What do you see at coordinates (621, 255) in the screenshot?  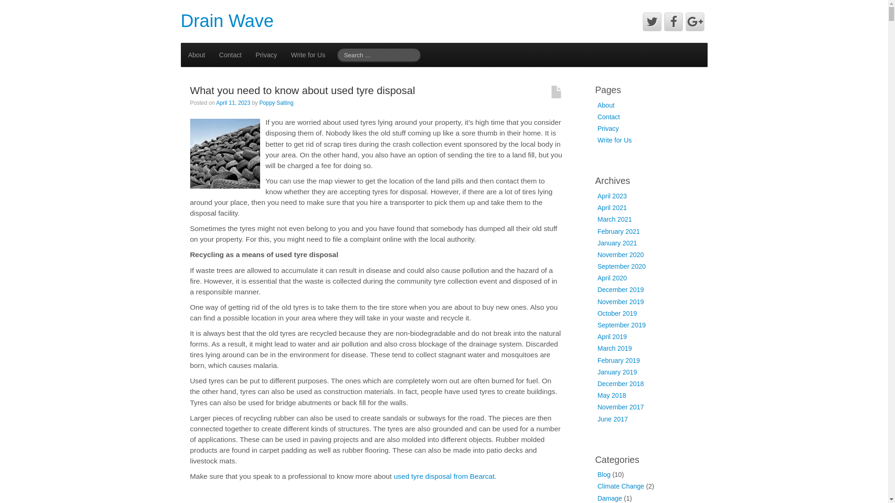 I see `'November 2020'` at bounding box center [621, 255].